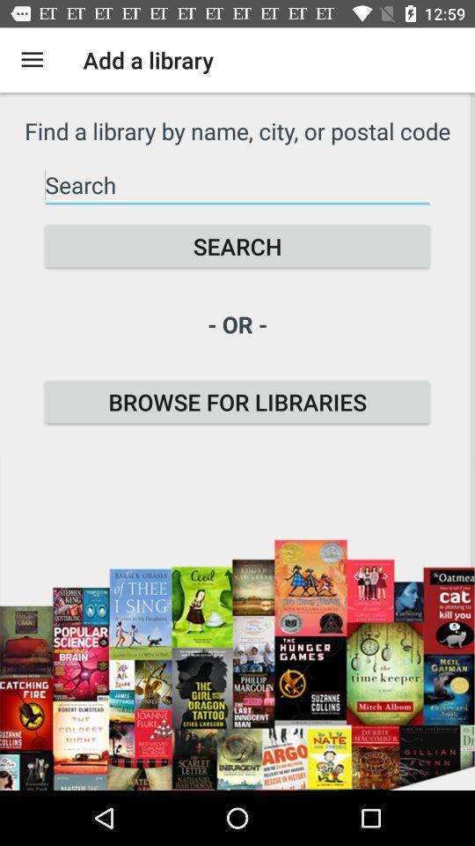 The image size is (475, 846). I want to click on browse for libraries icon, so click(237, 402).